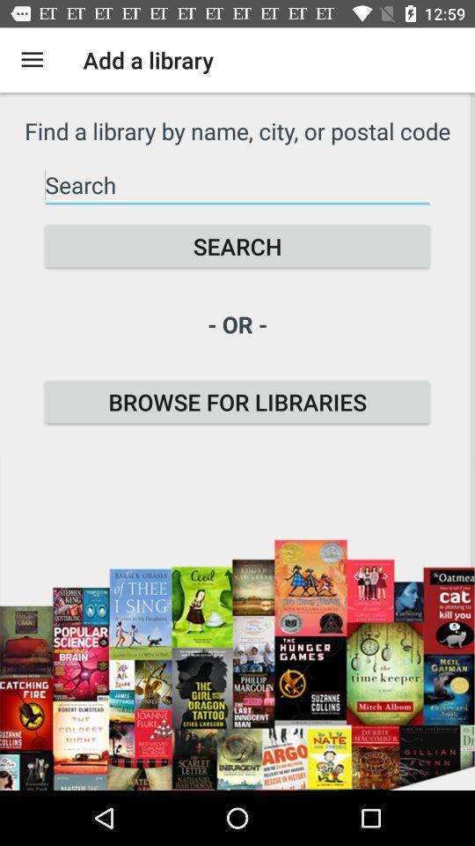 The image size is (475, 846). I want to click on browse for libraries icon, so click(237, 402).